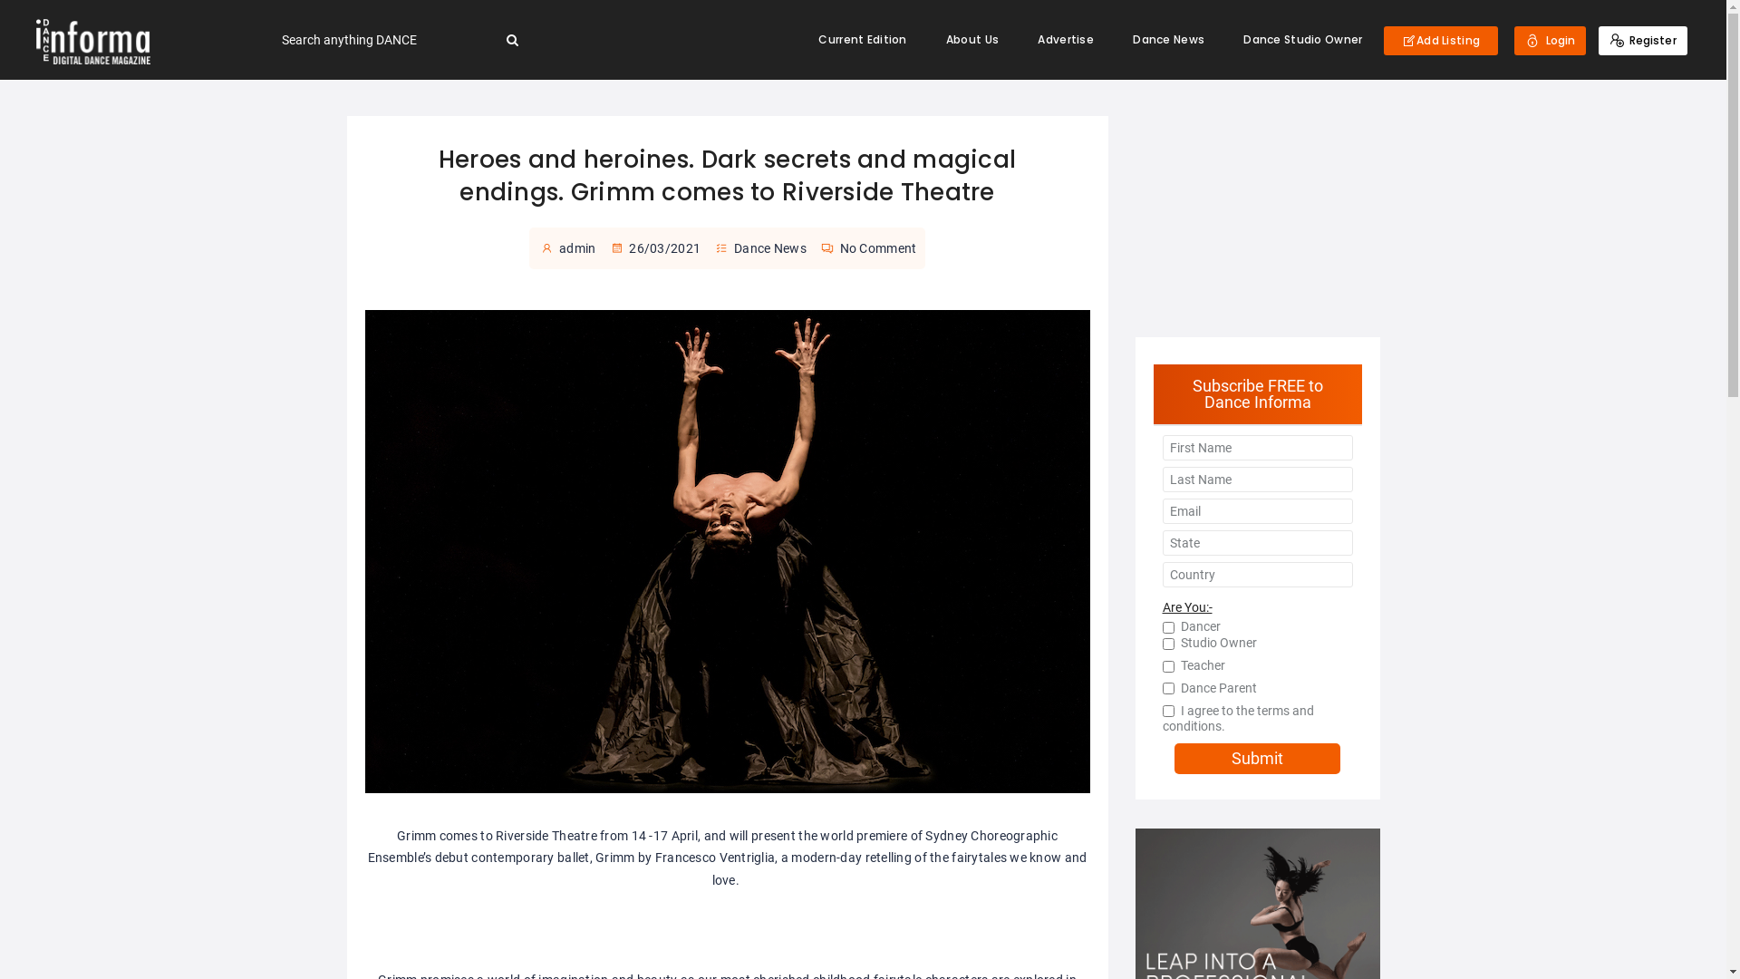 This screenshot has width=1740, height=979. What do you see at coordinates (1066, 39) in the screenshot?
I see `'Advertise'` at bounding box center [1066, 39].